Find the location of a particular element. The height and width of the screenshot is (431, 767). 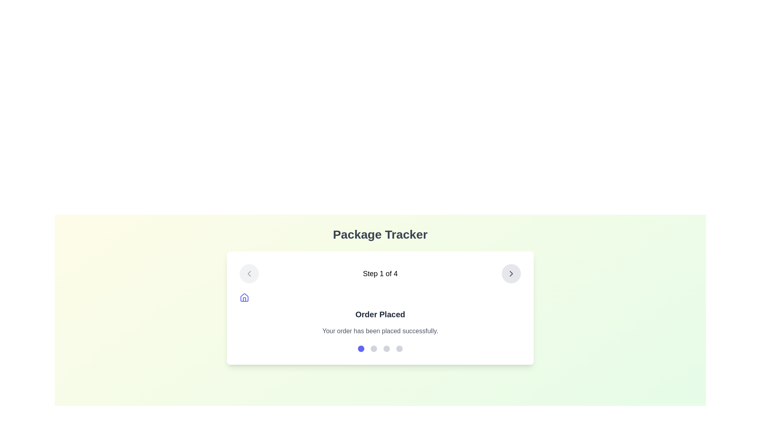

the blue dot in the Progress indicator of the 'Package Tracker' card is located at coordinates (380, 348).